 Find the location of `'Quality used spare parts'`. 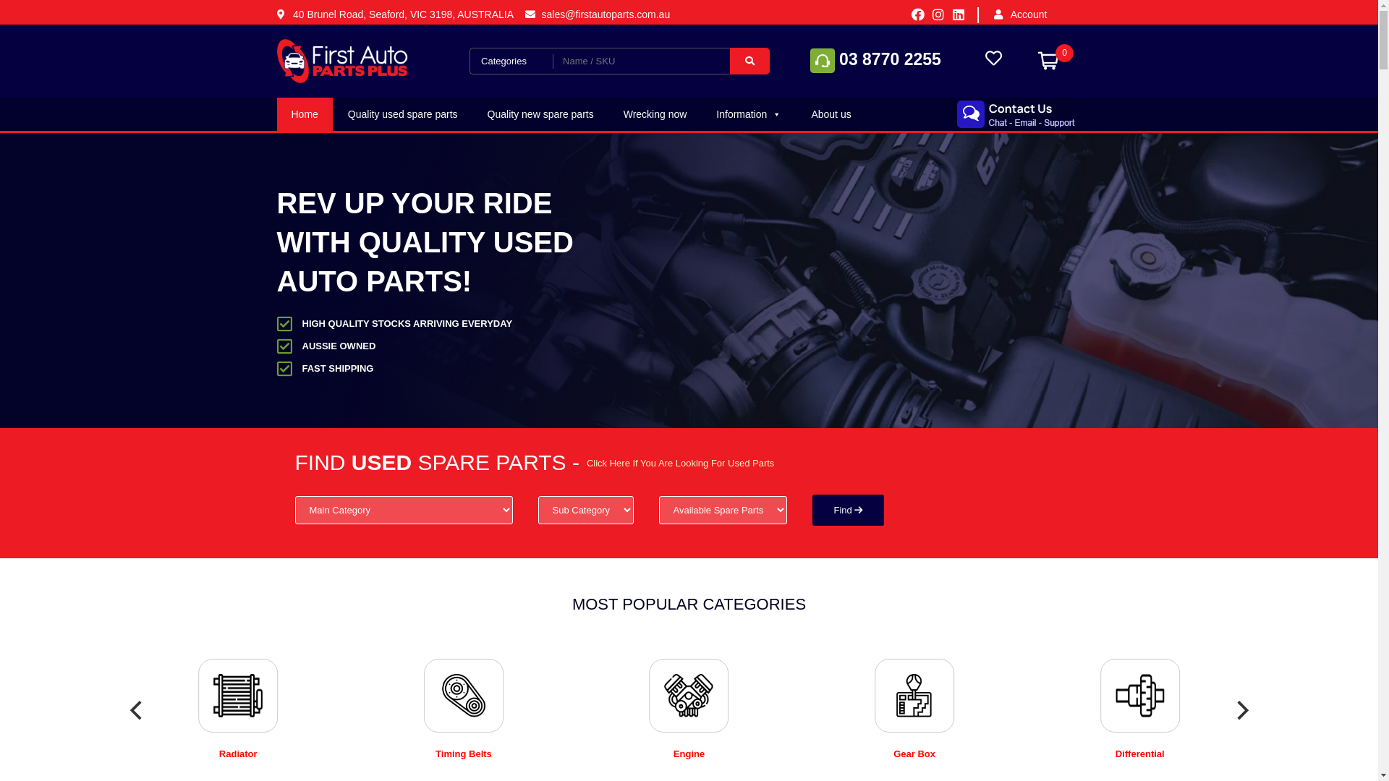

'Quality used spare parts' is located at coordinates (332, 114).